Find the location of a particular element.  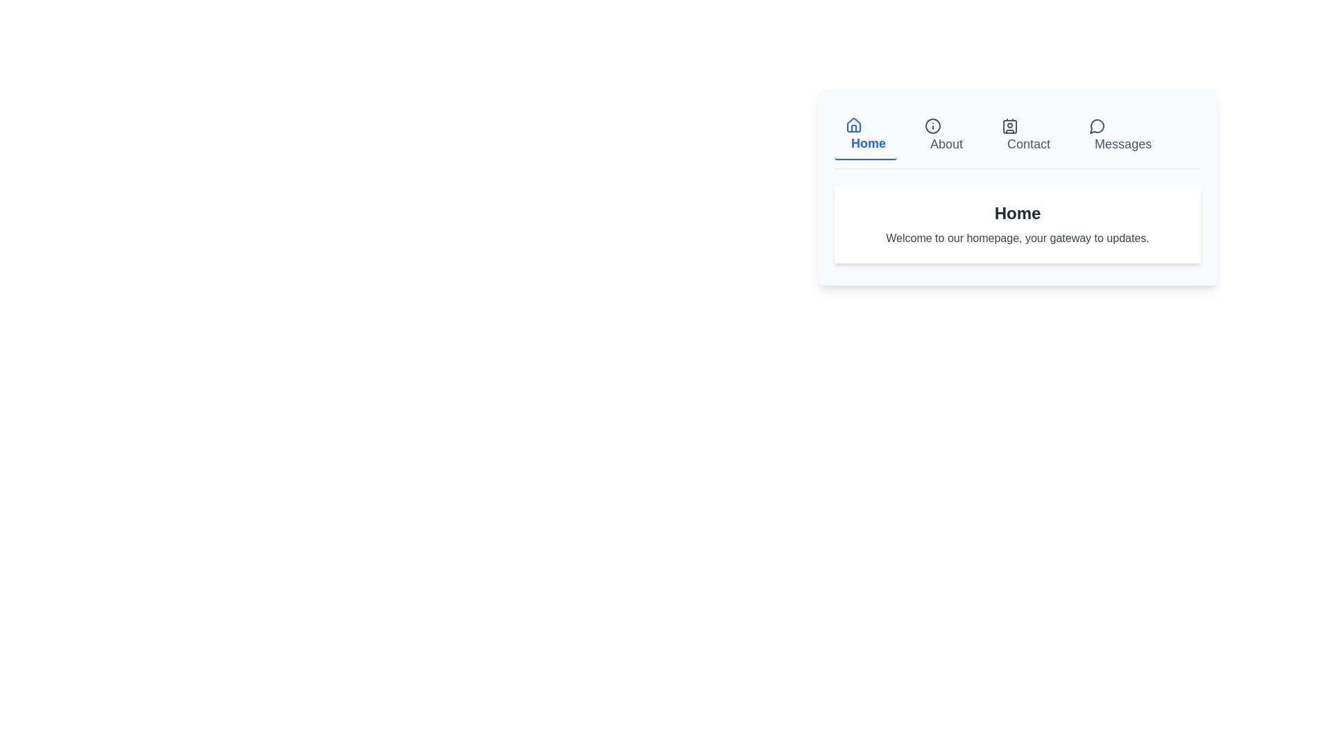

the tab labeled Contact is located at coordinates (1025, 136).